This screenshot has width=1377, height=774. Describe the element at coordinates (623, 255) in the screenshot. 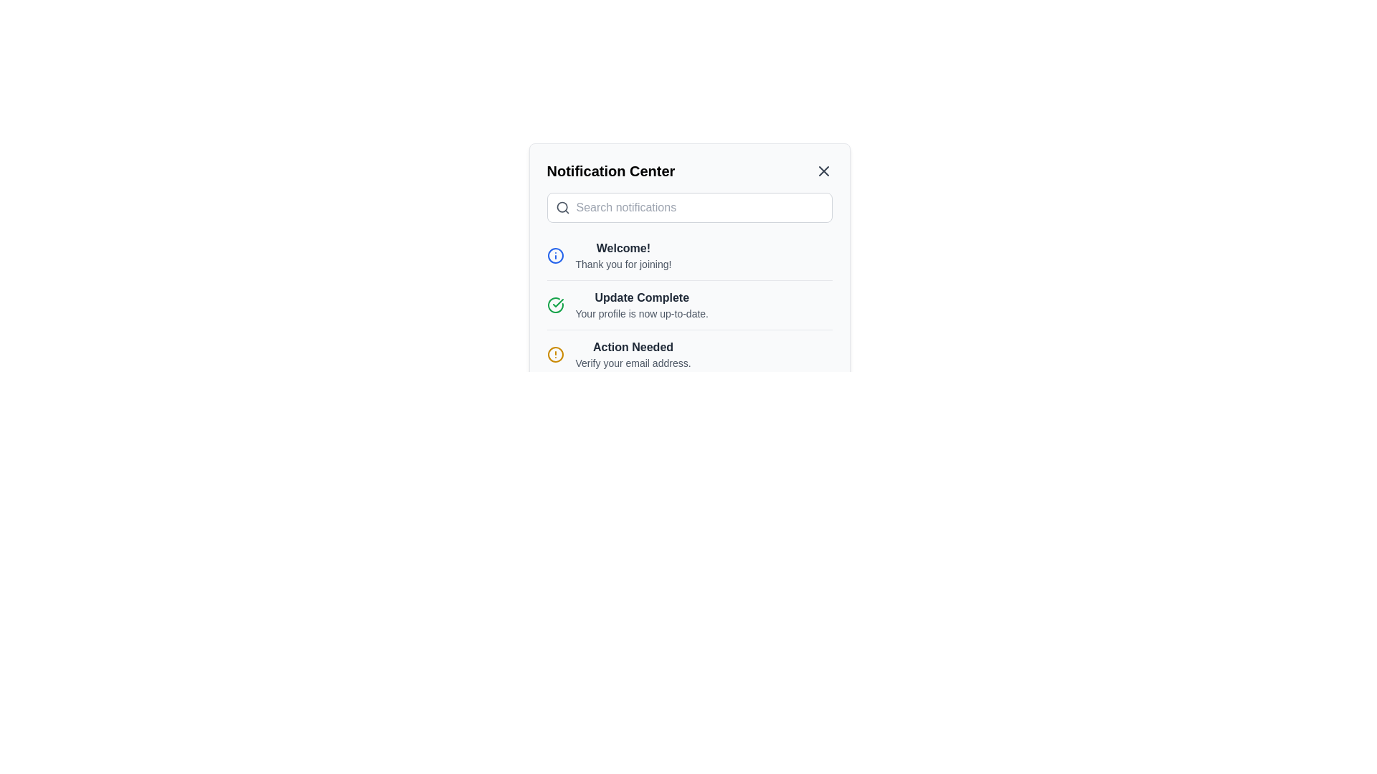

I see `the welcome message static text located in the notification center panel, which is the first notification in the list, directly below the search bar` at that location.